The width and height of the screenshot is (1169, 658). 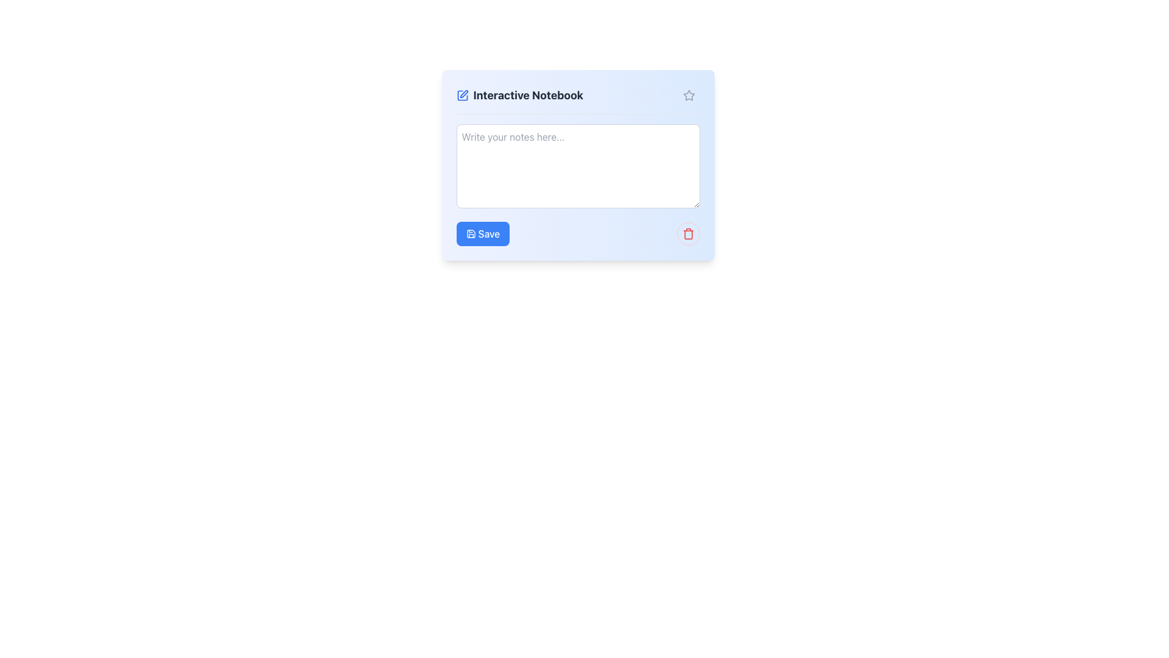 I want to click on the save button located in the bottom left corner of the section, which allows users to save content in the interactive notebook above it, so click(x=482, y=234).